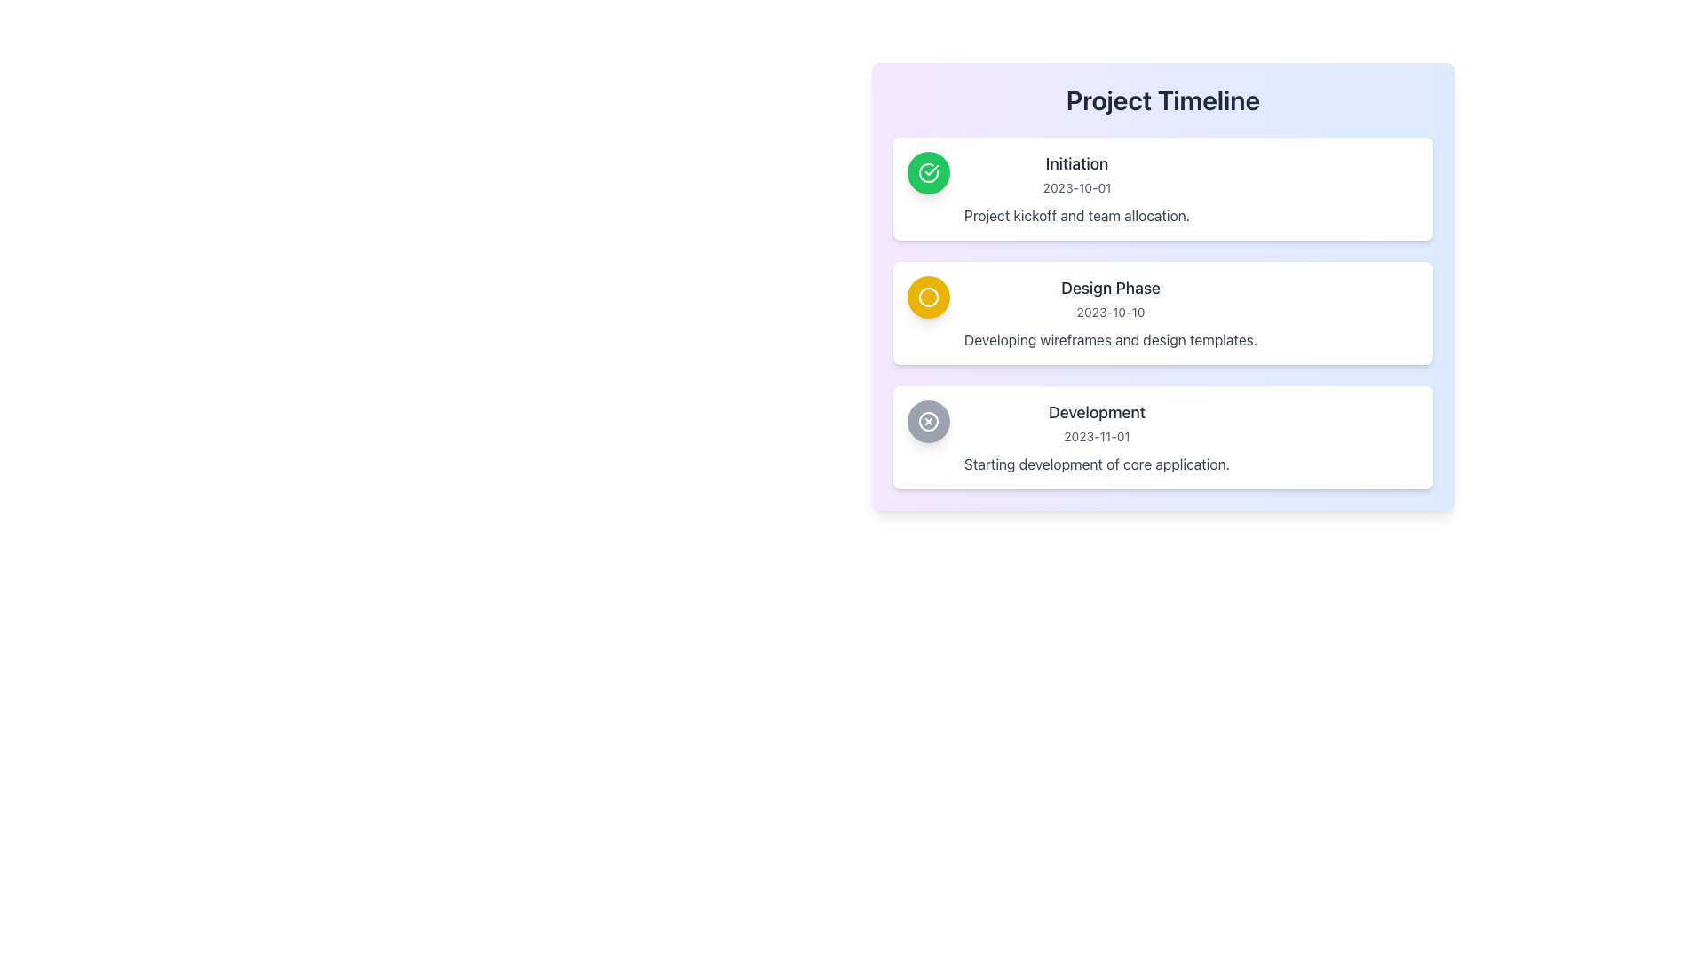 The height and width of the screenshot is (959, 1705). What do you see at coordinates (1076, 188) in the screenshot?
I see `title 'Initiation' and description 'Project kickoff and team allocation.' from the textual block located at the top of the list of project phases` at bounding box center [1076, 188].